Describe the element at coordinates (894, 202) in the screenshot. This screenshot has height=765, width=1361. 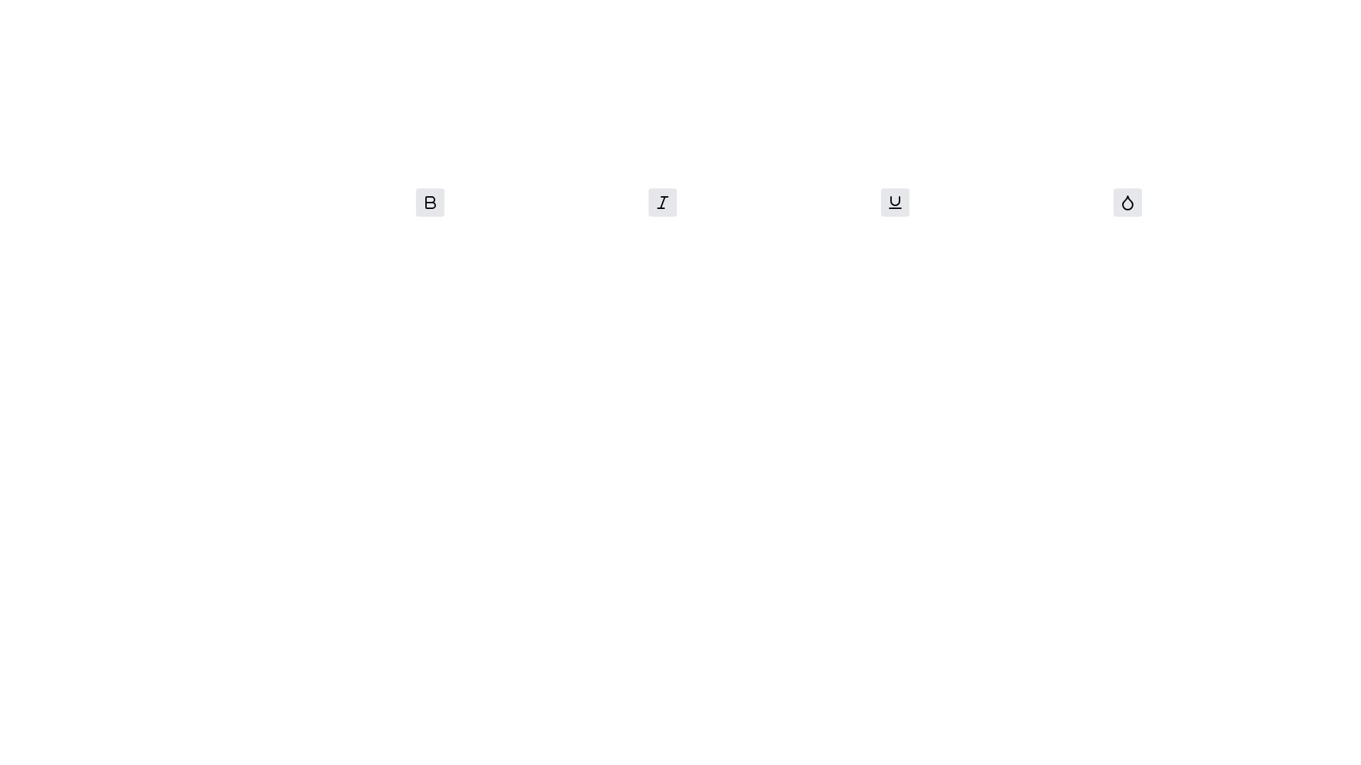
I see `the underline formatting button, which is the third button from the left in a horizontal layout of four buttons in a text editor` at that location.